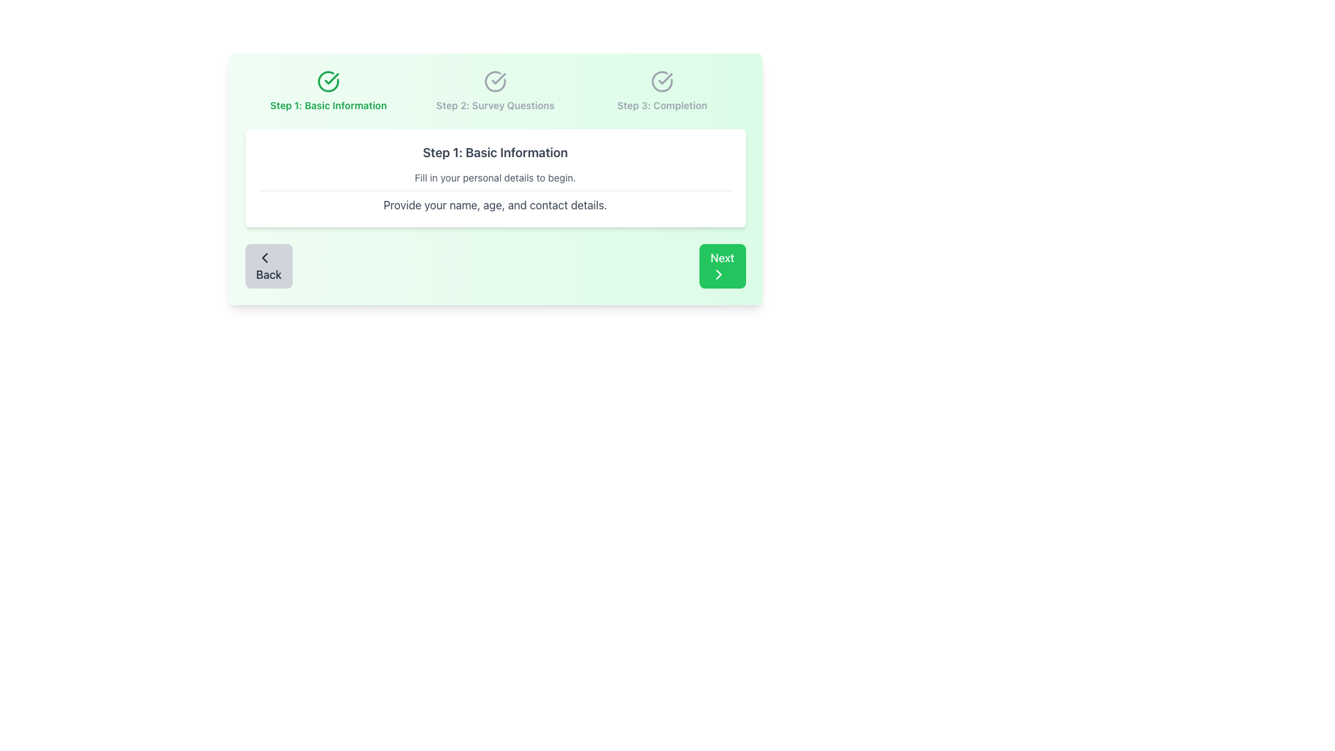 This screenshot has height=751, width=1335. I want to click on the Text Label indicating the current or upcoming survey step, which is centrally located in the progress indicator section between 'Step 1: Basic Information' and 'Step 3: Completion', so click(495, 91).